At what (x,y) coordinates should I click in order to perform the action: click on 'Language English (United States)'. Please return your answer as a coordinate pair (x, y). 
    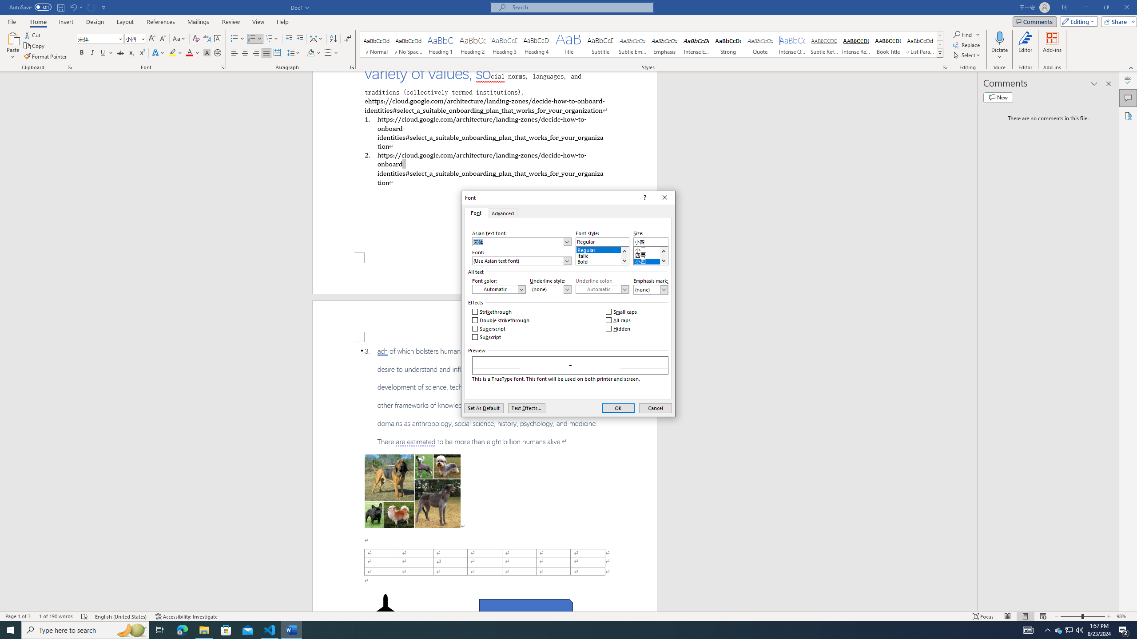
    Looking at the image, I should click on (121, 616).